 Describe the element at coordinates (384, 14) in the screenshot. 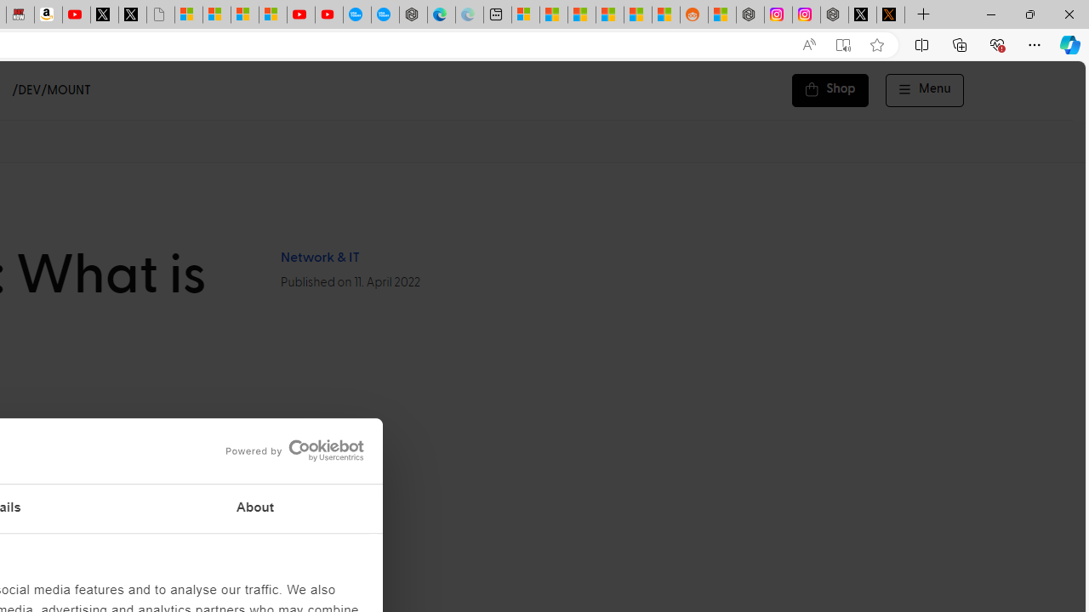

I see `'The most popular Google '` at that location.